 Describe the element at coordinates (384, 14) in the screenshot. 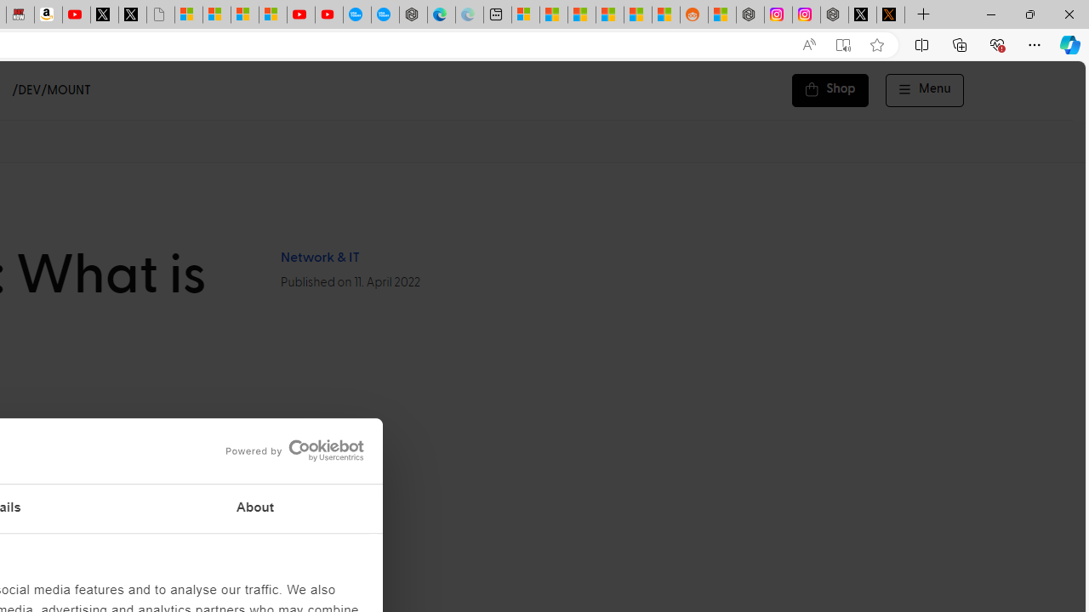

I see `'The most popular Google '` at that location.